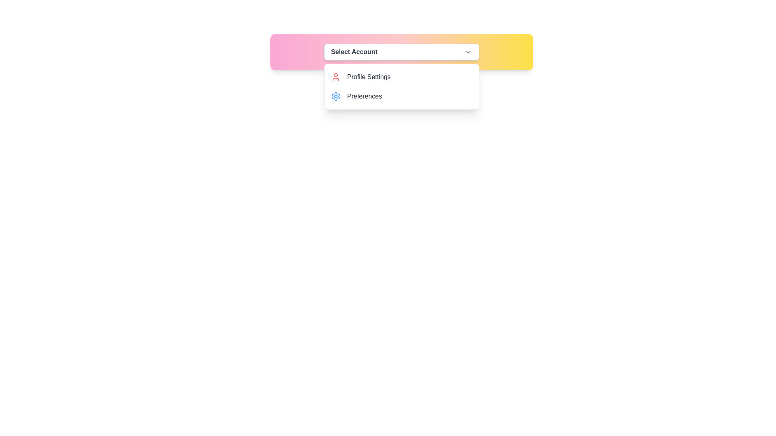  Describe the element at coordinates (335, 96) in the screenshot. I see `assistive technology` at that location.